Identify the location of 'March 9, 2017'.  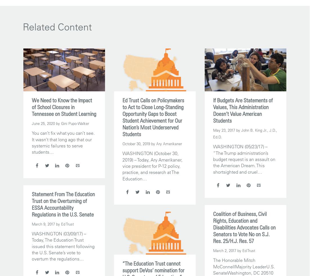
(43, 223).